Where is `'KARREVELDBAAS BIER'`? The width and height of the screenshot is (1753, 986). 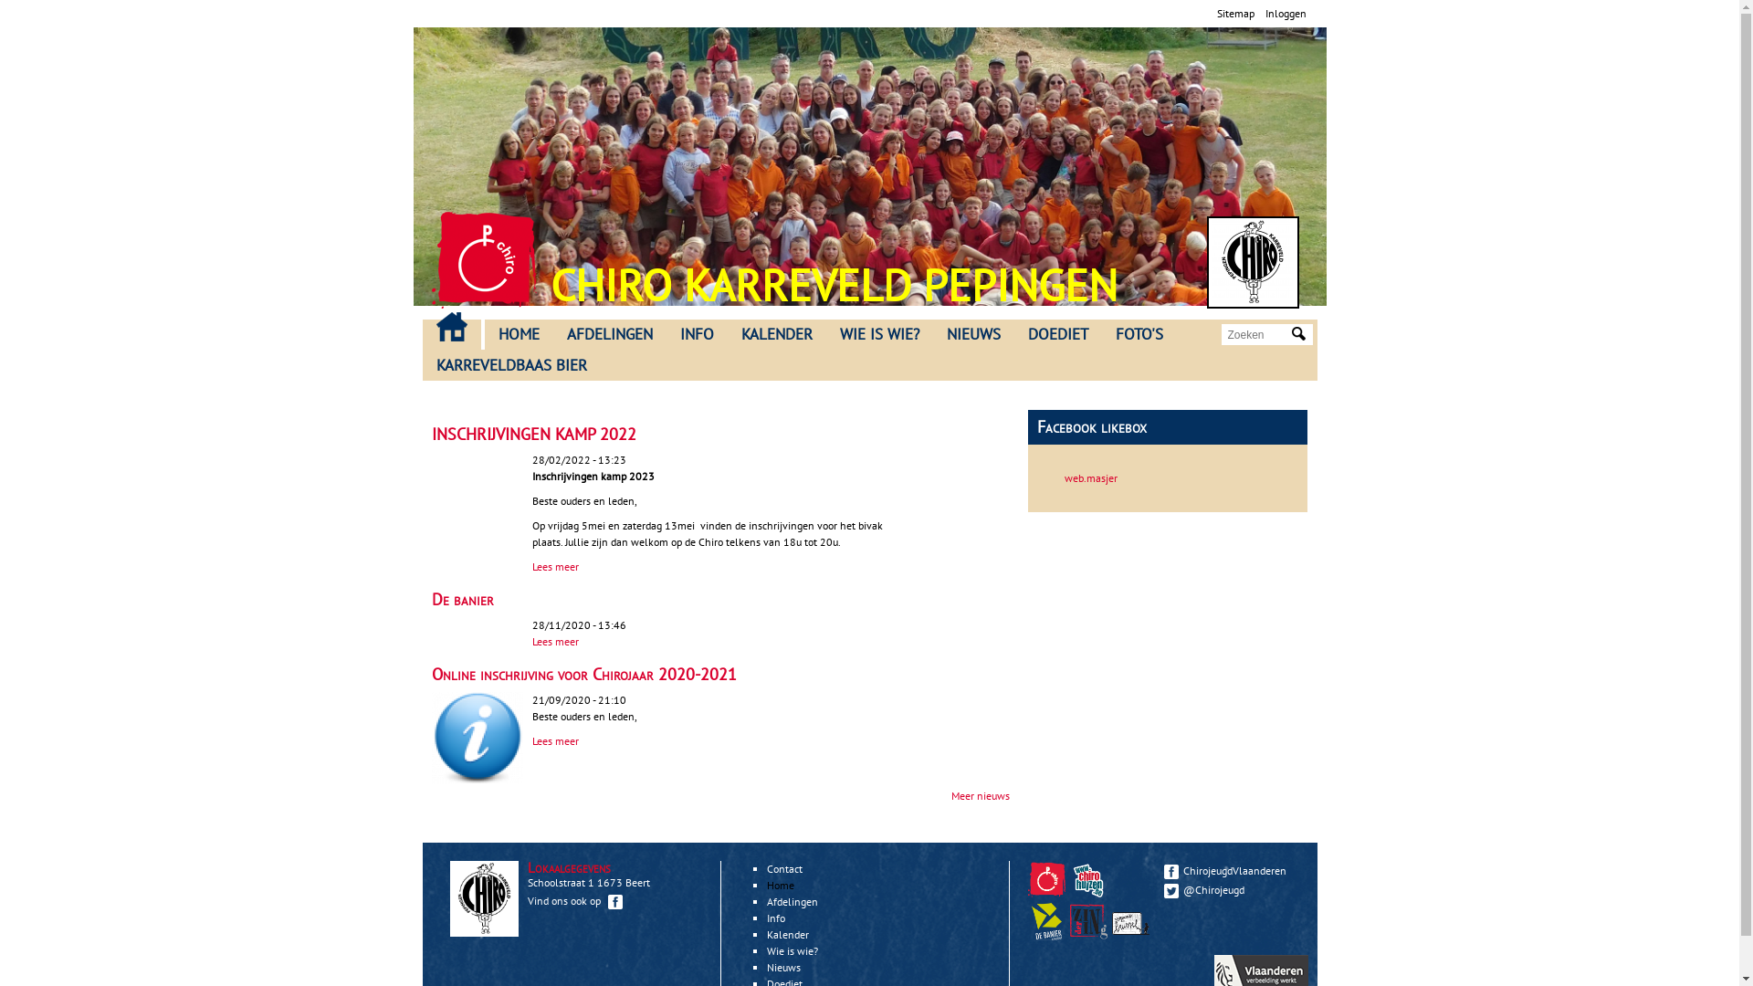 'KARREVELDBAAS BIER' is located at coordinates (420, 366).